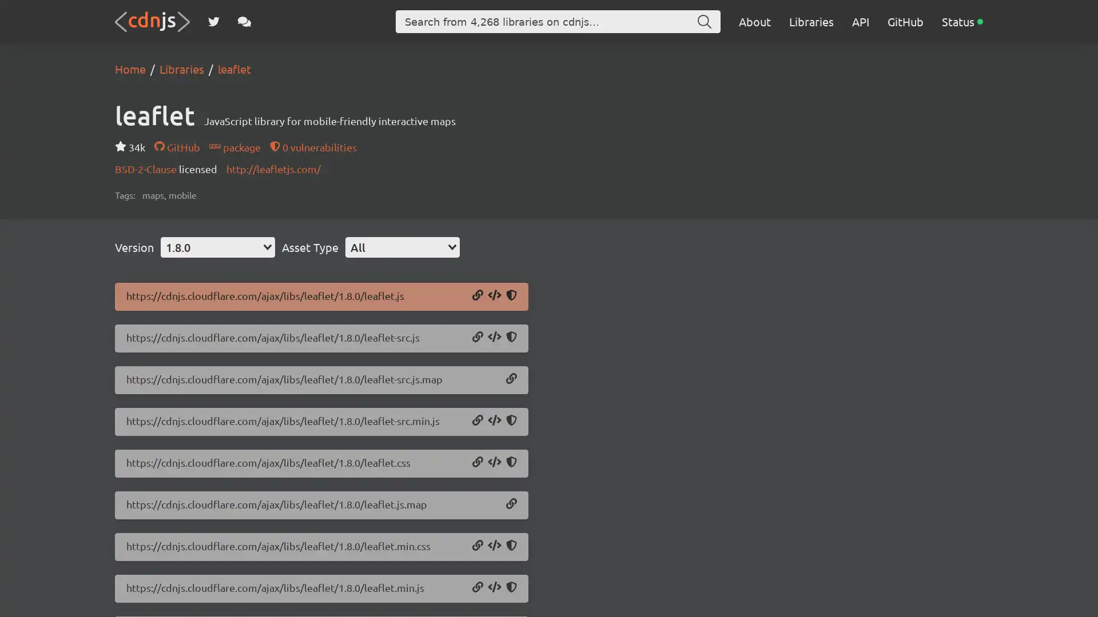  I want to click on Copy URL, so click(511, 504).